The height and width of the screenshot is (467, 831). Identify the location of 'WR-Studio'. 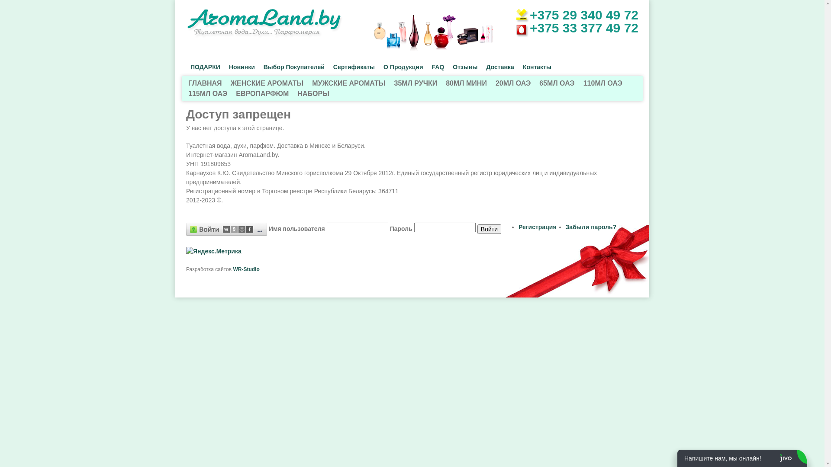
(245, 269).